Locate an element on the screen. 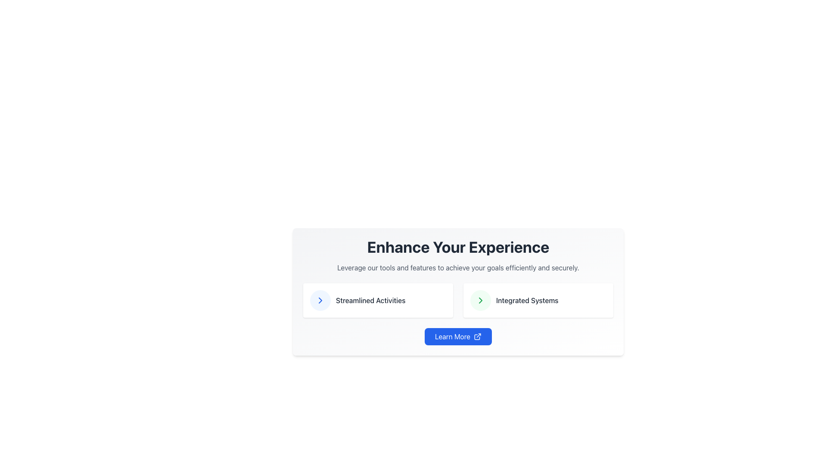 This screenshot has width=827, height=465. the Static Text displaying 'Streamlined Activities', which is styled in medium-weight, dark gray font and positioned within a white, rounded rectangular card is located at coordinates (370, 300).